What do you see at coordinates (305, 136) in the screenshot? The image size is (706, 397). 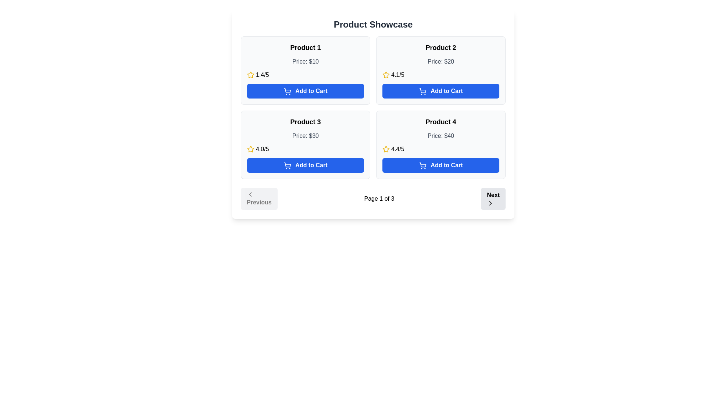 I see `the text label displaying the price '$30' for 'Product 3', which is positioned below the title and above the star rating and 'Add to Cart' button` at bounding box center [305, 136].